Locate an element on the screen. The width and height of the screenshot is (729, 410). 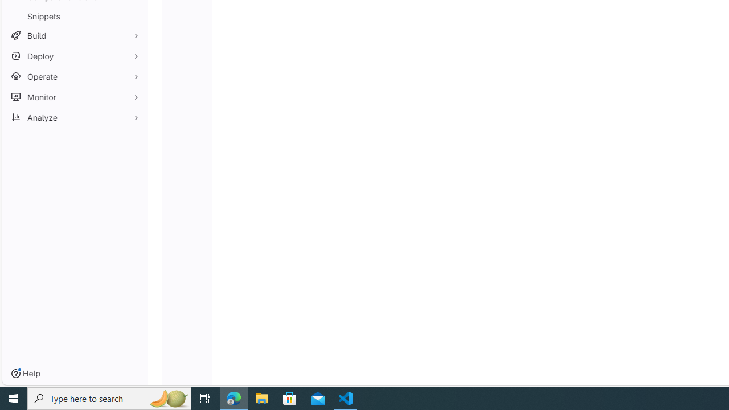
'Build' is located at coordinates (74, 35).